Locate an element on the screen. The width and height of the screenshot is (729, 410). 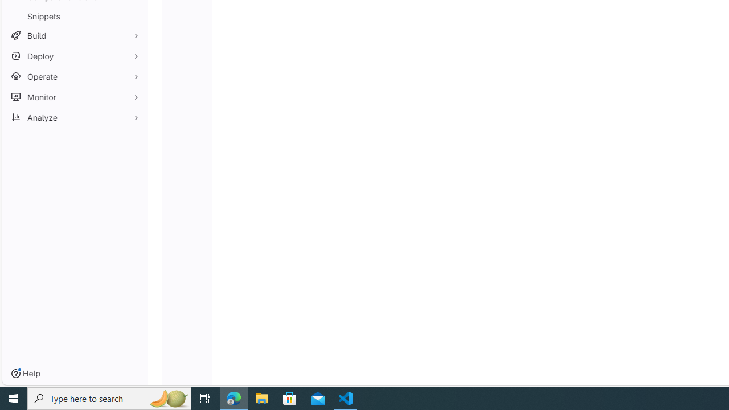
'Build' is located at coordinates (74, 35).